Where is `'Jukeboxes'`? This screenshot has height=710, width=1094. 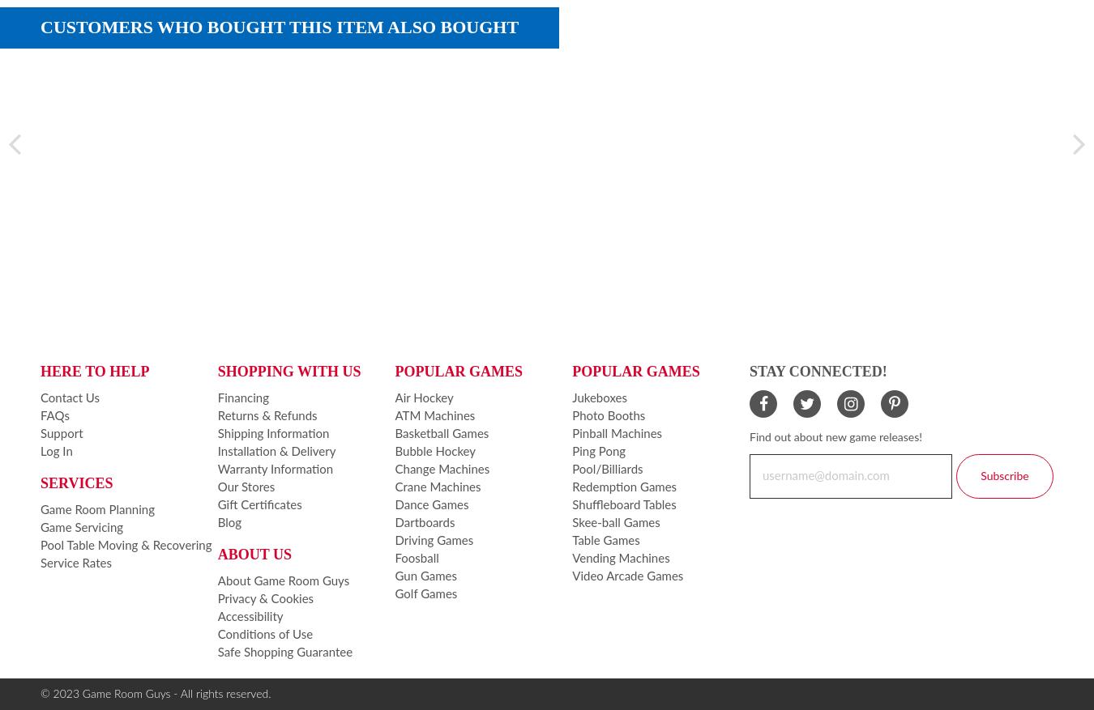
'Jukeboxes' is located at coordinates (598, 397).